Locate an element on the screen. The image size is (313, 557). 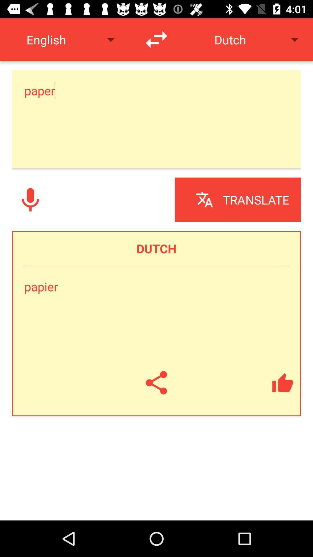
language option is located at coordinates (156, 39).